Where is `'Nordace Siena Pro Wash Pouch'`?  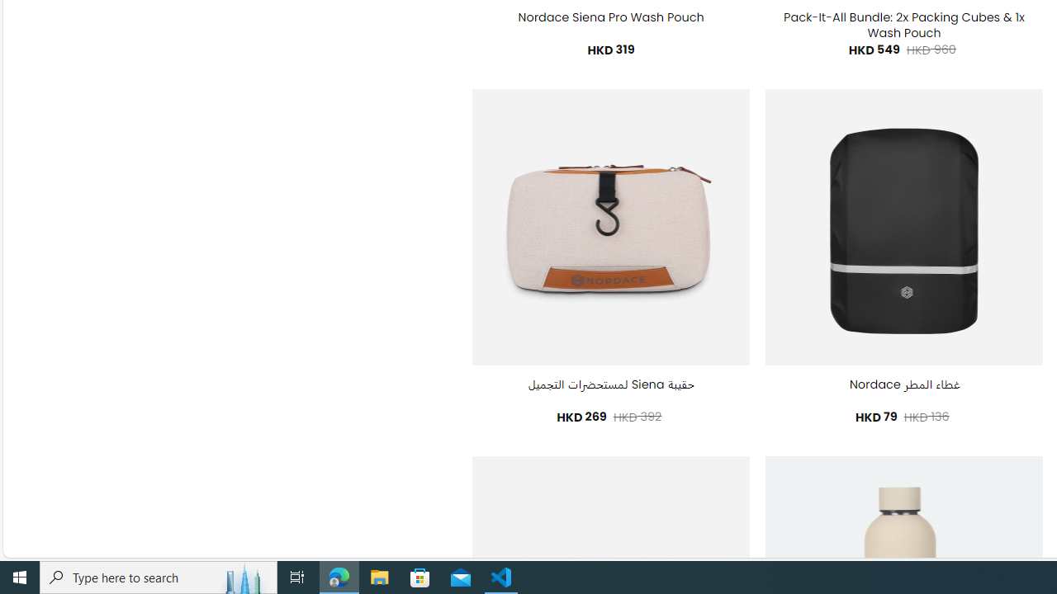
'Nordace Siena Pro Wash Pouch' is located at coordinates (609, 17).